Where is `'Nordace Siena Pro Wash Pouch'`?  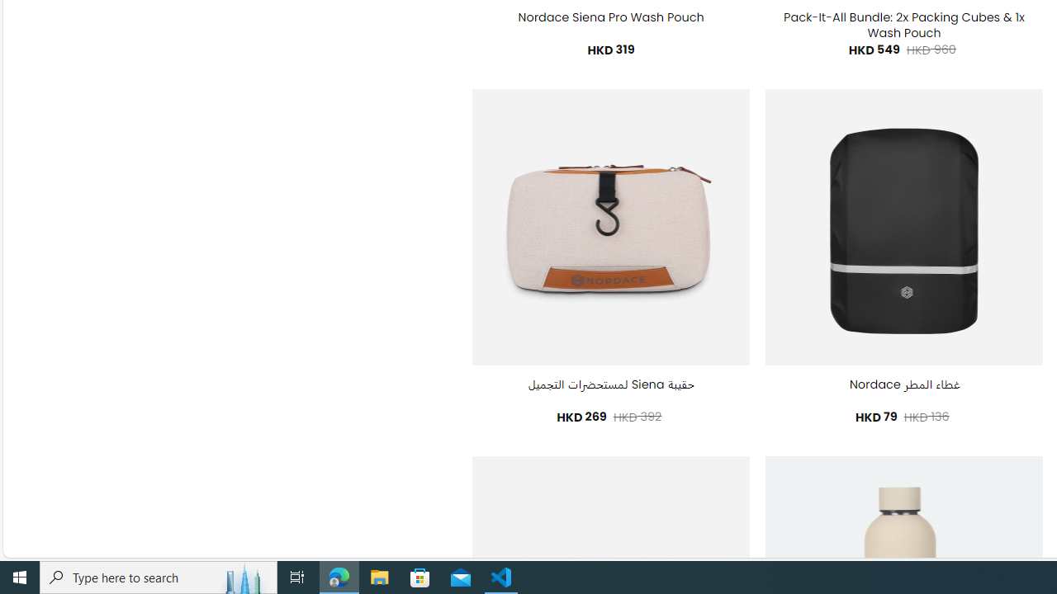
'Nordace Siena Pro Wash Pouch' is located at coordinates (609, 17).